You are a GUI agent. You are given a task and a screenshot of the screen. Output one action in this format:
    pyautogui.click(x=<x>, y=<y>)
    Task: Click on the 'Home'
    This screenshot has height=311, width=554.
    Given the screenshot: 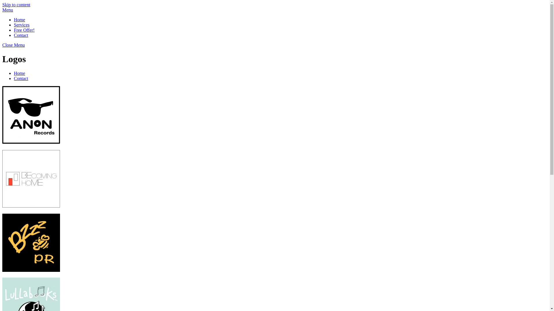 What is the action you would take?
    pyautogui.click(x=19, y=19)
    